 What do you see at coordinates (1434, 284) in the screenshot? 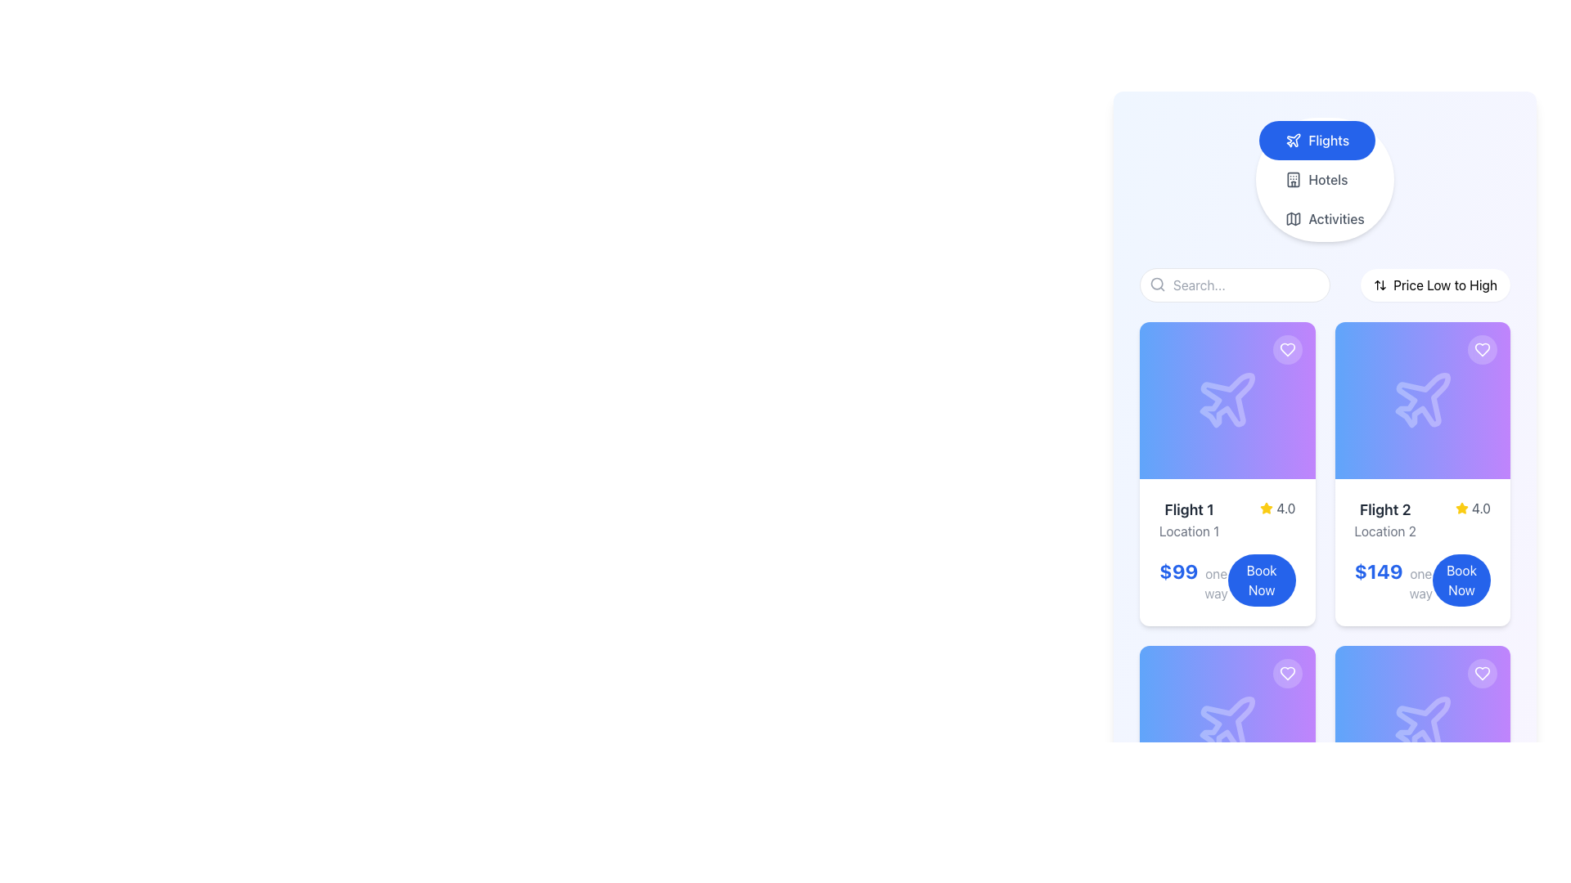
I see `the sort button located in the upper-right section of the interface, adjacent to the search bar` at bounding box center [1434, 284].